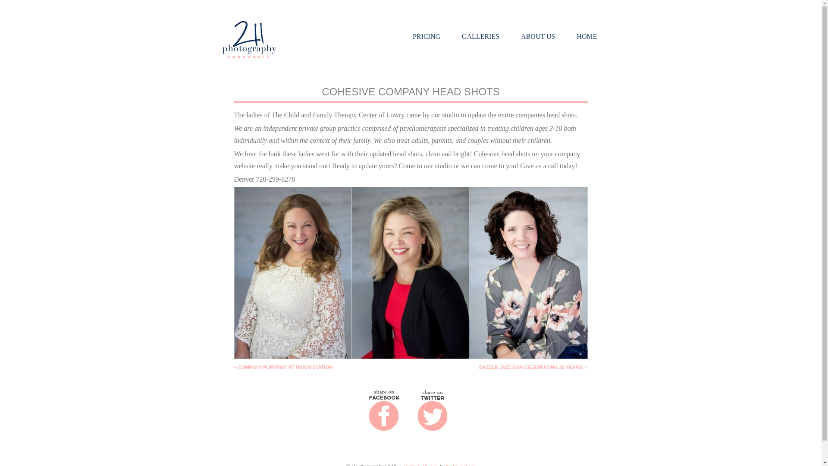 Image resolution: width=828 pixels, height=466 pixels. Describe the element at coordinates (426, 36) in the screenshot. I see `'PRICING'` at that location.